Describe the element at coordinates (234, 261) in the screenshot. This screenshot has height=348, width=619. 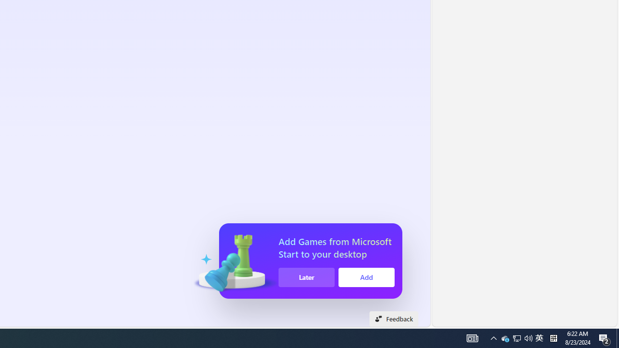
I see `'Class: pwa-upsell-icon'` at that location.